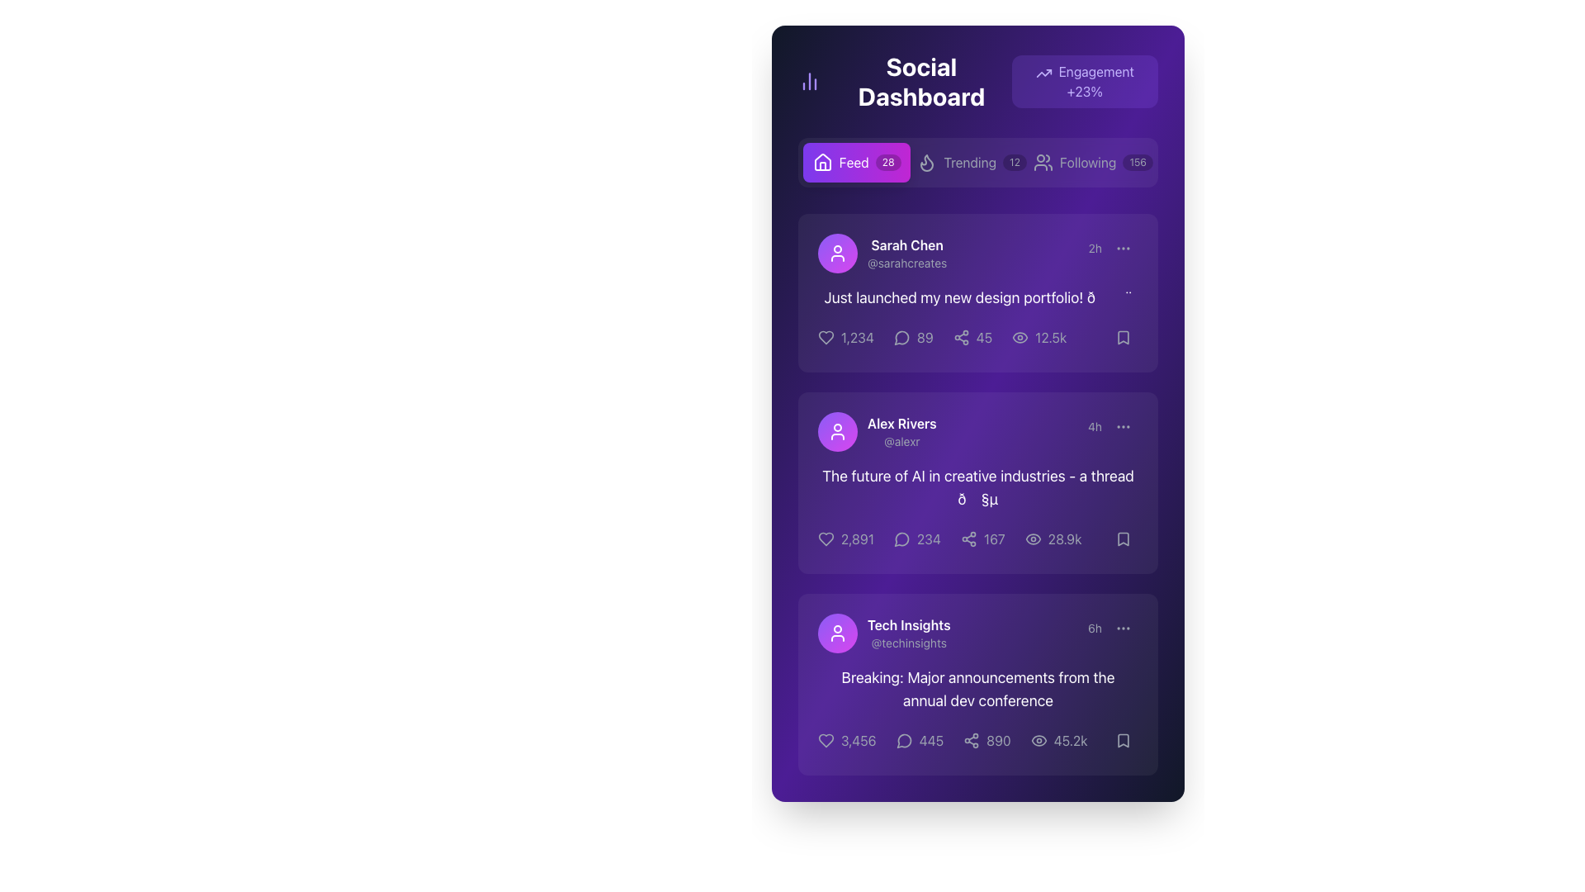 The image size is (1585, 892). What do you see at coordinates (845, 336) in the screenshot?
I see `the like button located under the post mentioning 'Sarah Chen' to increment the count of likes` at bounding box center [845, 336].